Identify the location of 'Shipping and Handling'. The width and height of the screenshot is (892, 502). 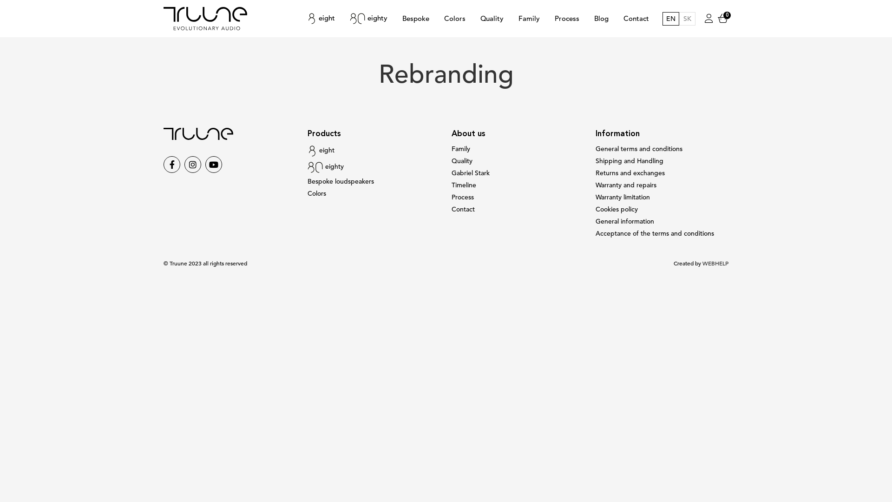
(629, 160).